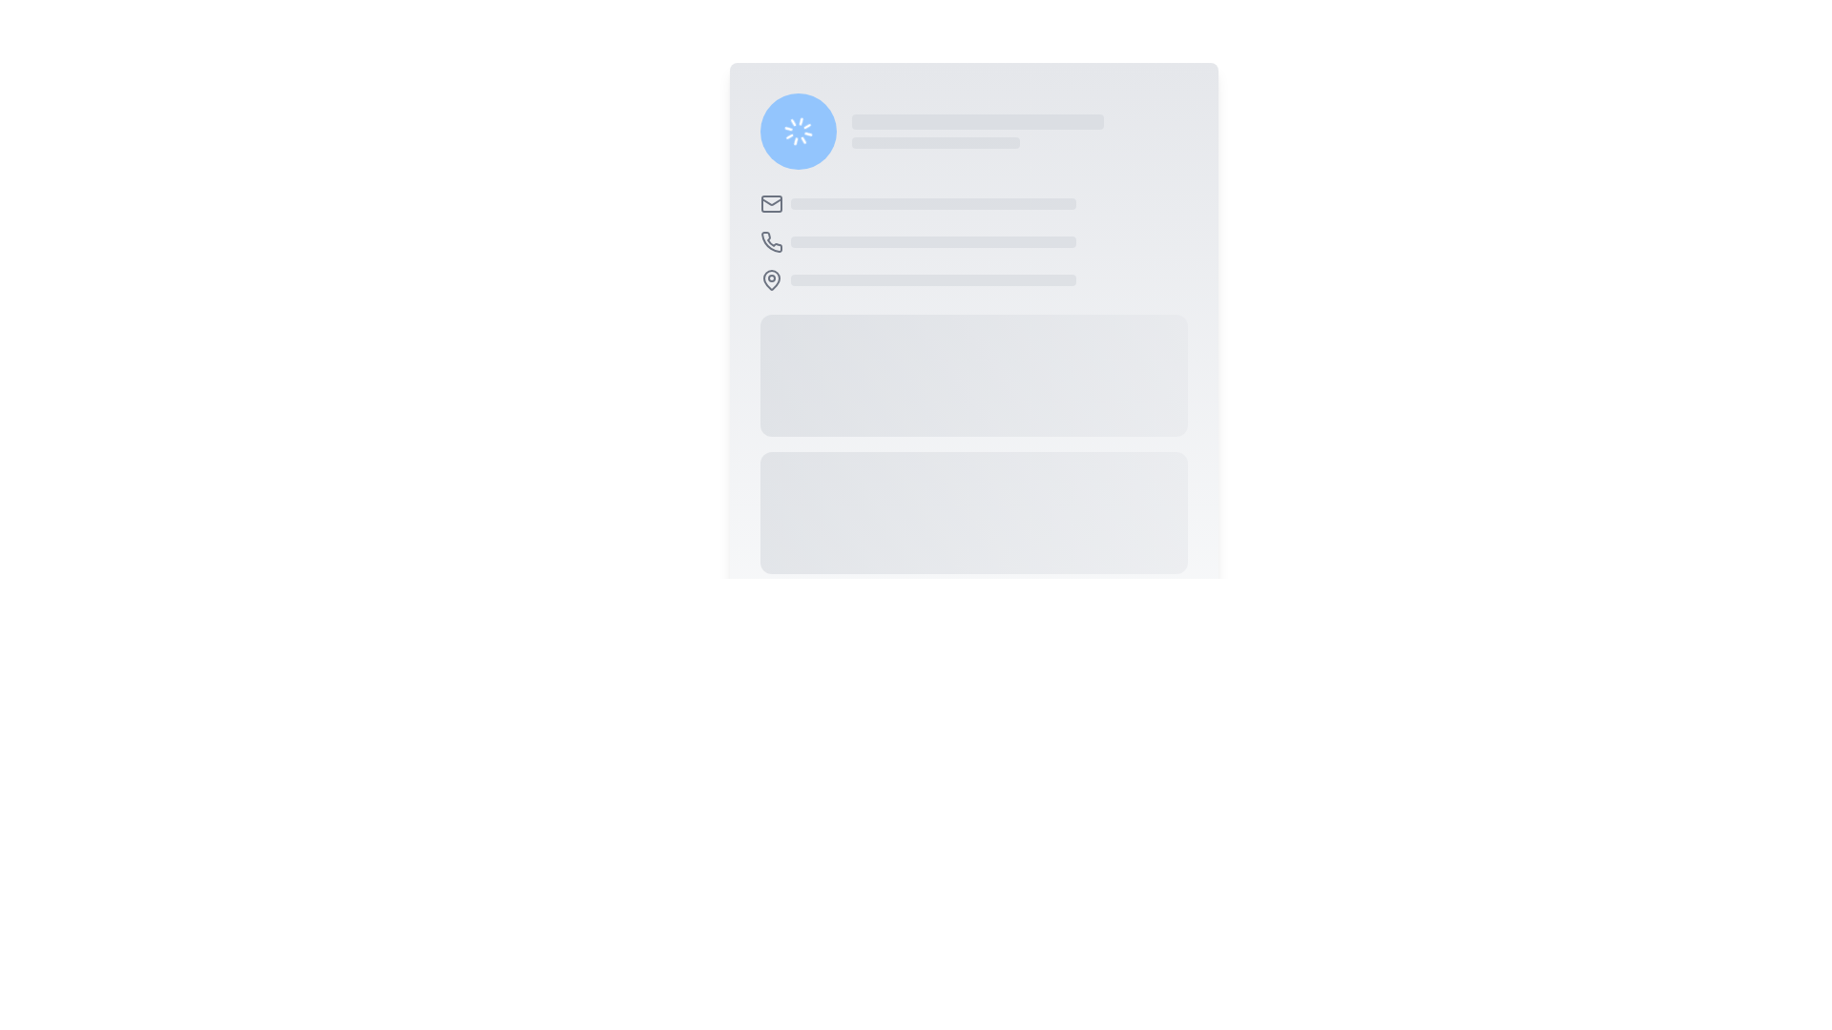 This screenshot has width=1832, height=1030. I want to click on SVG rectangle element that forms the body of the mail envelope icon for debugging purposes, so click(771, 203).